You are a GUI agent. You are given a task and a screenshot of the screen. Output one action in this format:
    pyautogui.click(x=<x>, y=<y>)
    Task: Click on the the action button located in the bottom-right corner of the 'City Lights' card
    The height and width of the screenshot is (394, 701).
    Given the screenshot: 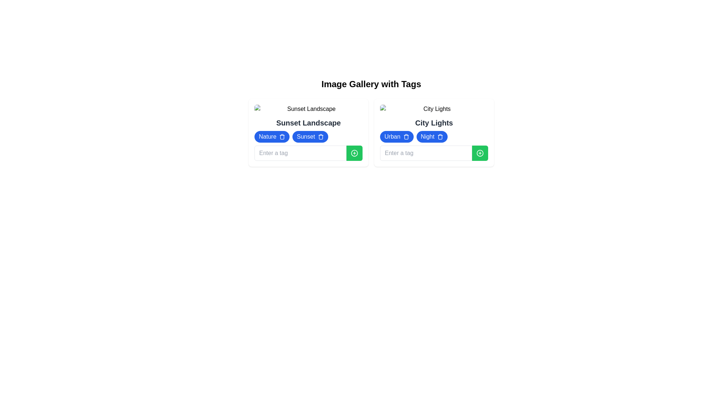 What is the action you would take?
    pyautogui.click(x=354, y=153)
    